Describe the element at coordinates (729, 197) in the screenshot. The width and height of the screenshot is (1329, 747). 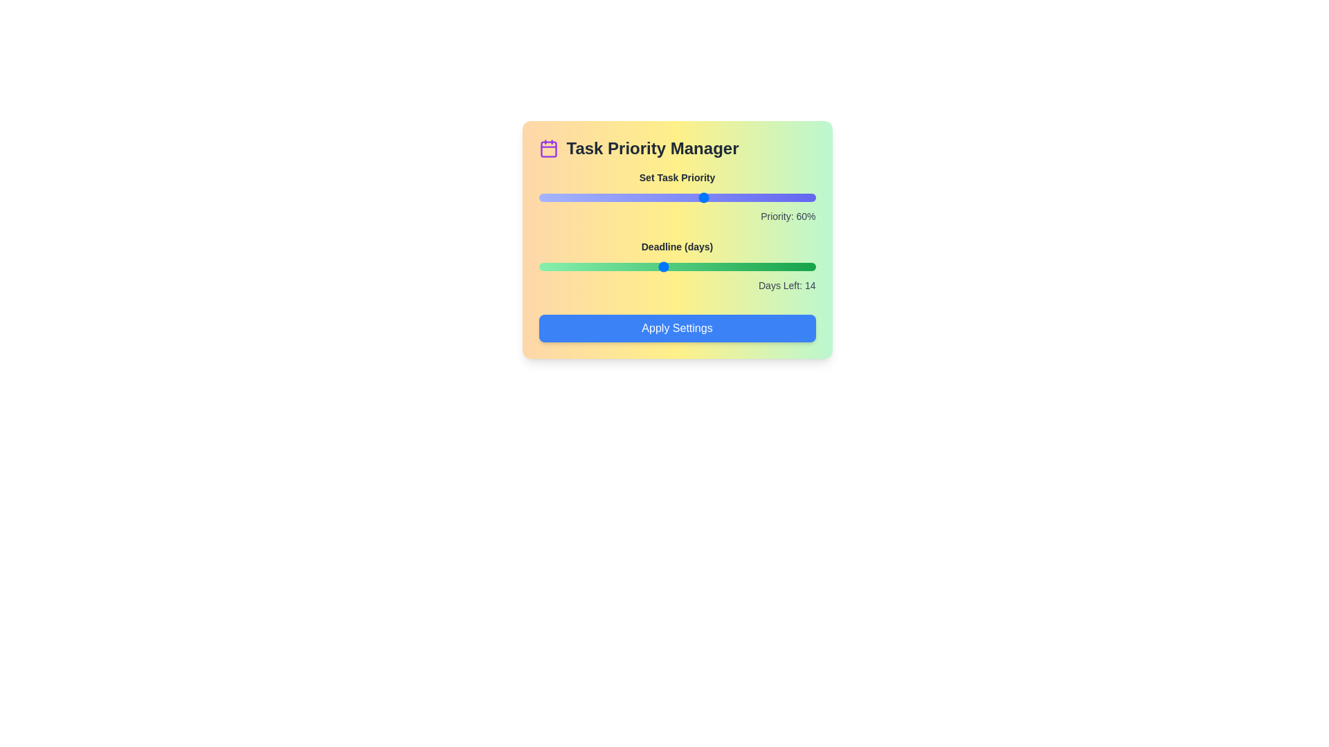
I see `the task priority slider to set the priority to 69%` at that location.